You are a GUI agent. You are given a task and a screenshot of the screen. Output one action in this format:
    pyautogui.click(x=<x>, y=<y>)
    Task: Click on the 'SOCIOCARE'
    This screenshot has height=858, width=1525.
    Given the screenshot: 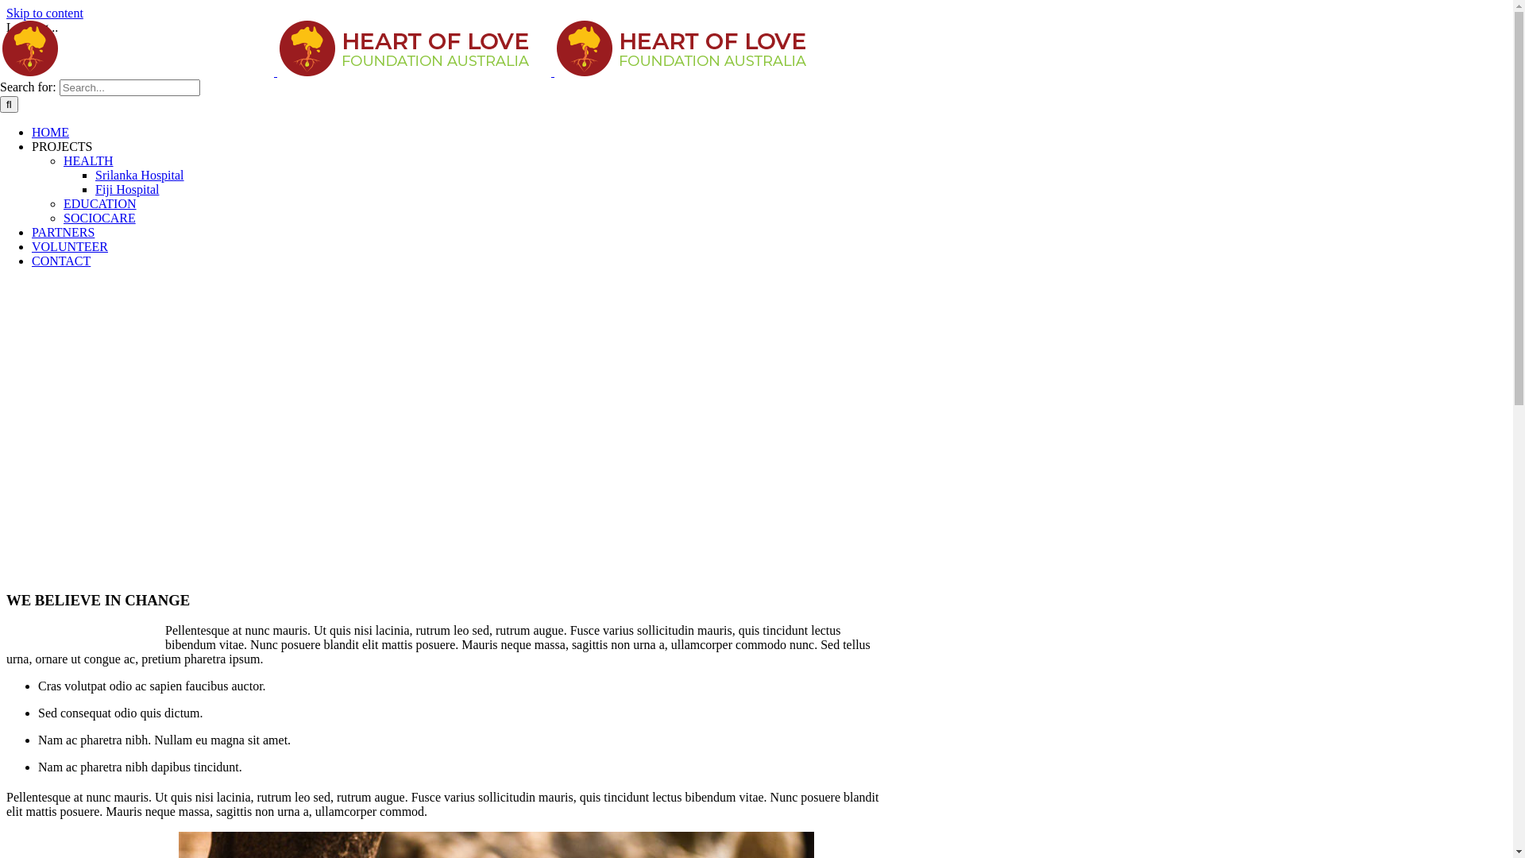 What is the action you would take?
    pyautogui.click(x=98, y=218)
    